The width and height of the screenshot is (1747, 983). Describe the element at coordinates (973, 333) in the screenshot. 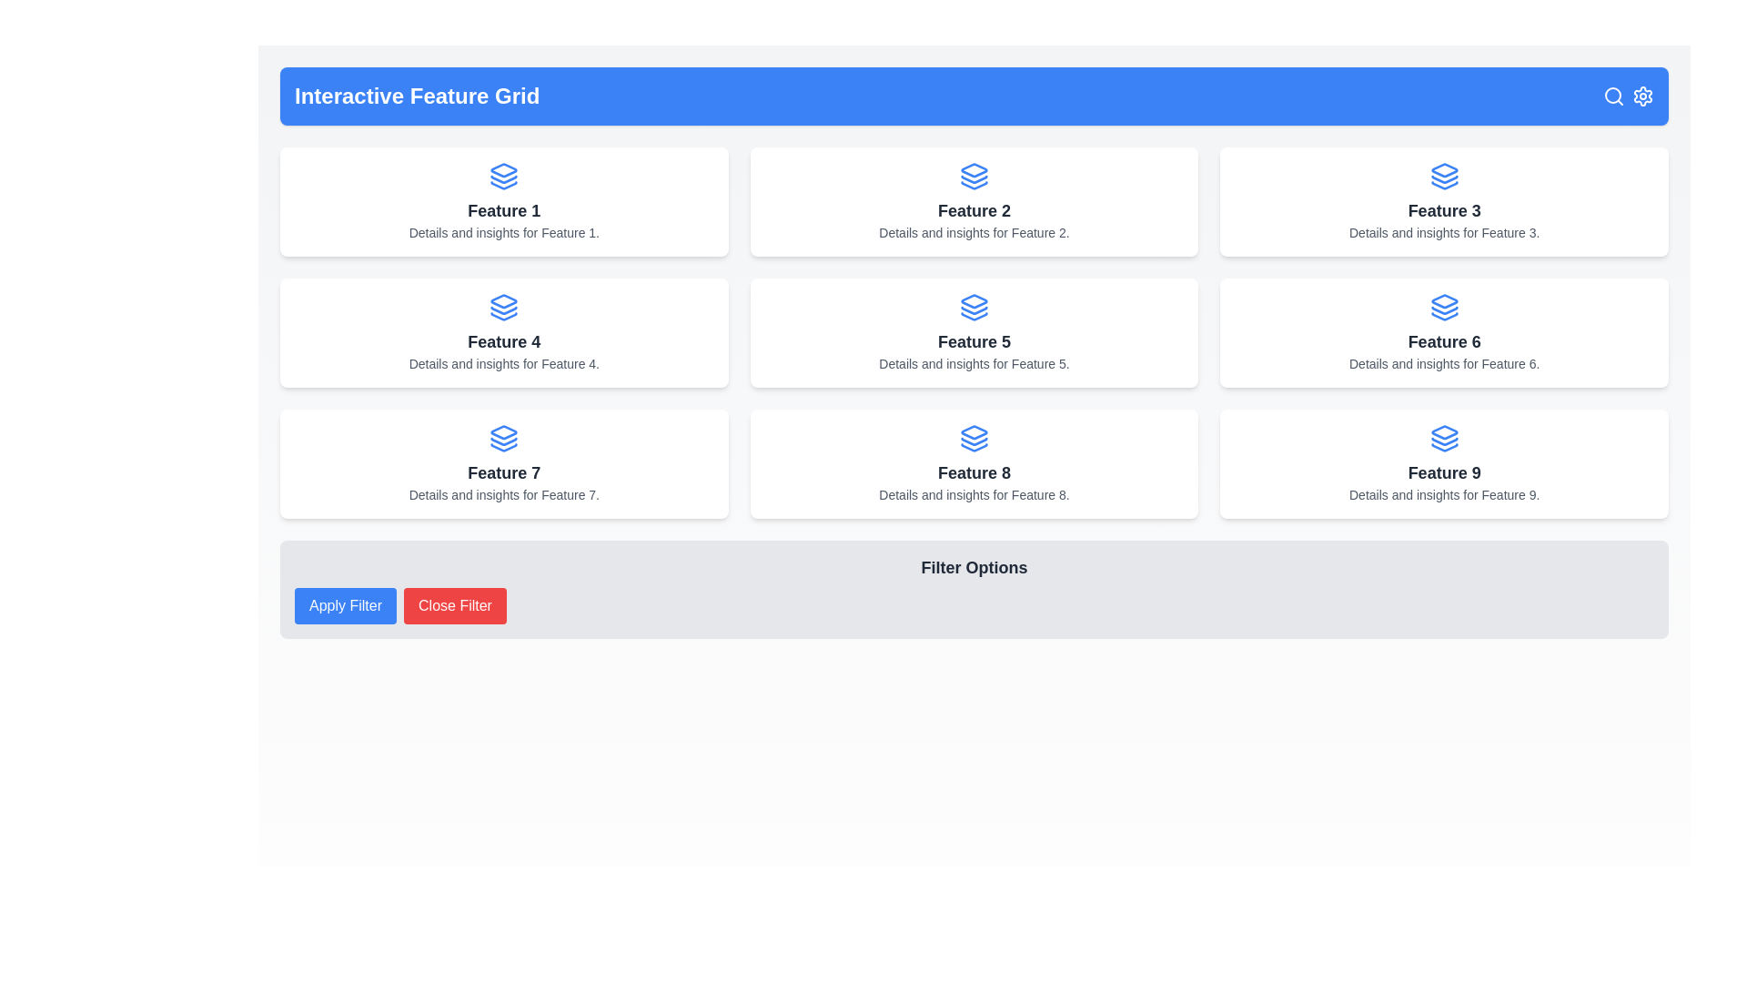

I see `the 'Feature 5' card located in the second row and second column of the 'Interactive Feature Grid' to interact or navigate` at that location.